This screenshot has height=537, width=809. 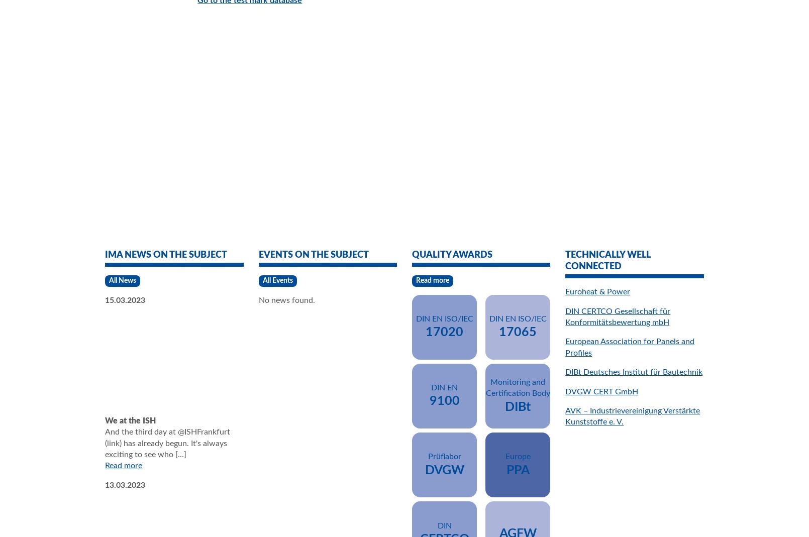 I want to click on 'No news found.', so click(x=285, y=300).